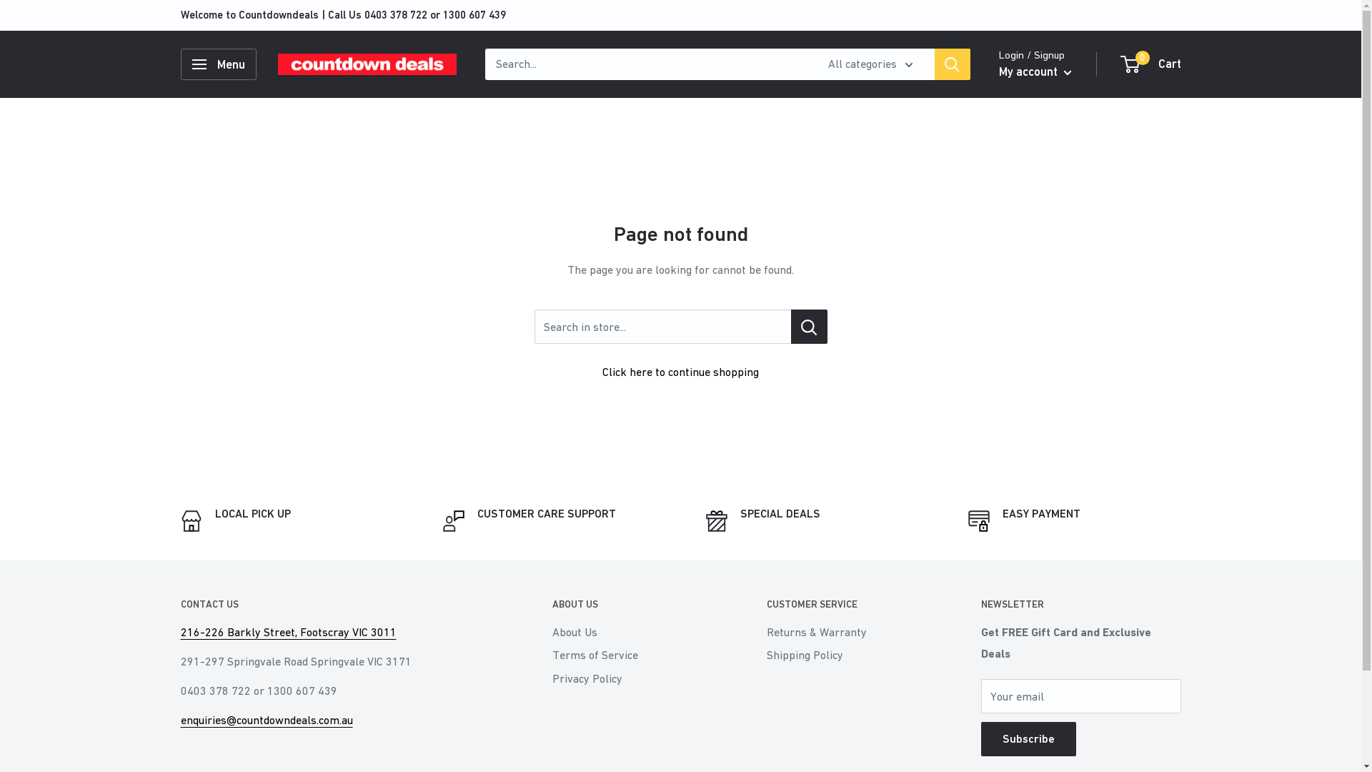 The height and width of the screenshot is (772, 1372). I want to click on '0, so click(1151, 63).